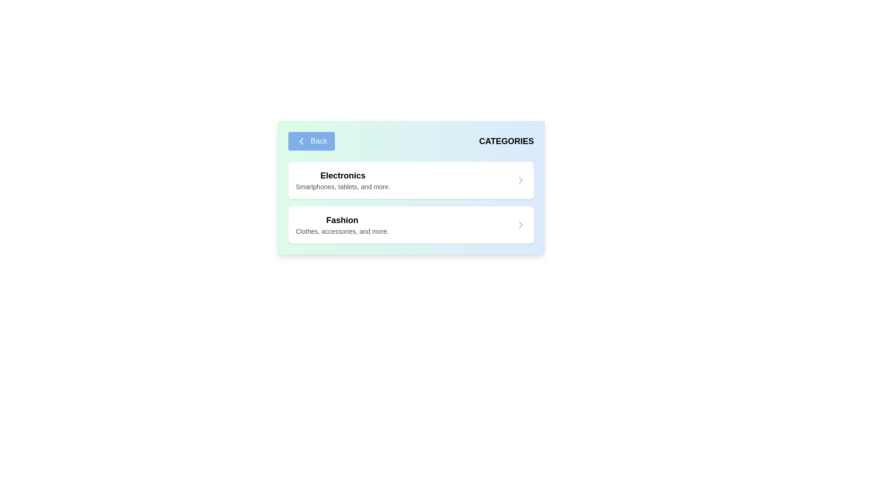  I want to click on the leftward-pointing chevron arrow icon used for back navigation, which is part of the 'Back' button, positioned towards the top-left corner of the interface, so click(301, 141).